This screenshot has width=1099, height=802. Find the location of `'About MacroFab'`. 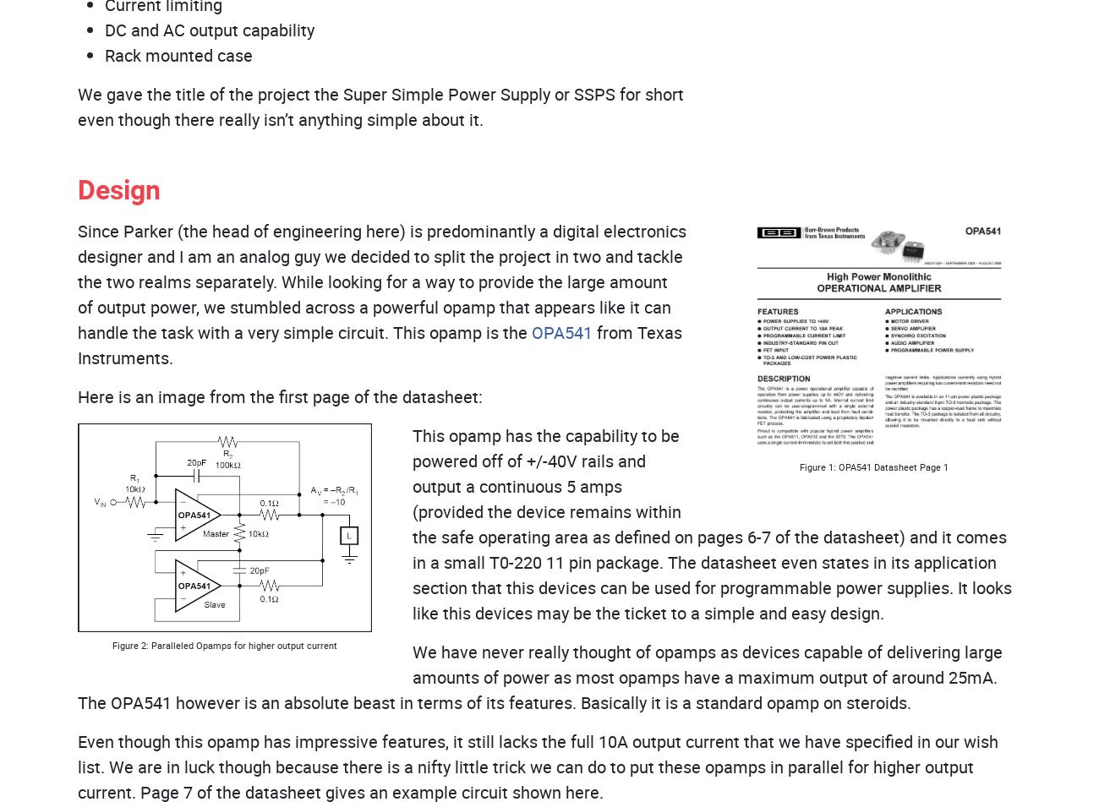

'About MacroFab' is located at coordinates (150, 532).